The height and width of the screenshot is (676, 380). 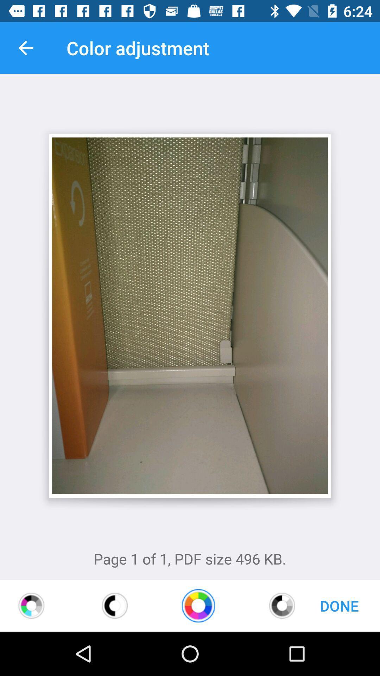 What do you see at coordinates (339, 605) in the screenshot?
I see `the done item` at bounding box center [339, 605].